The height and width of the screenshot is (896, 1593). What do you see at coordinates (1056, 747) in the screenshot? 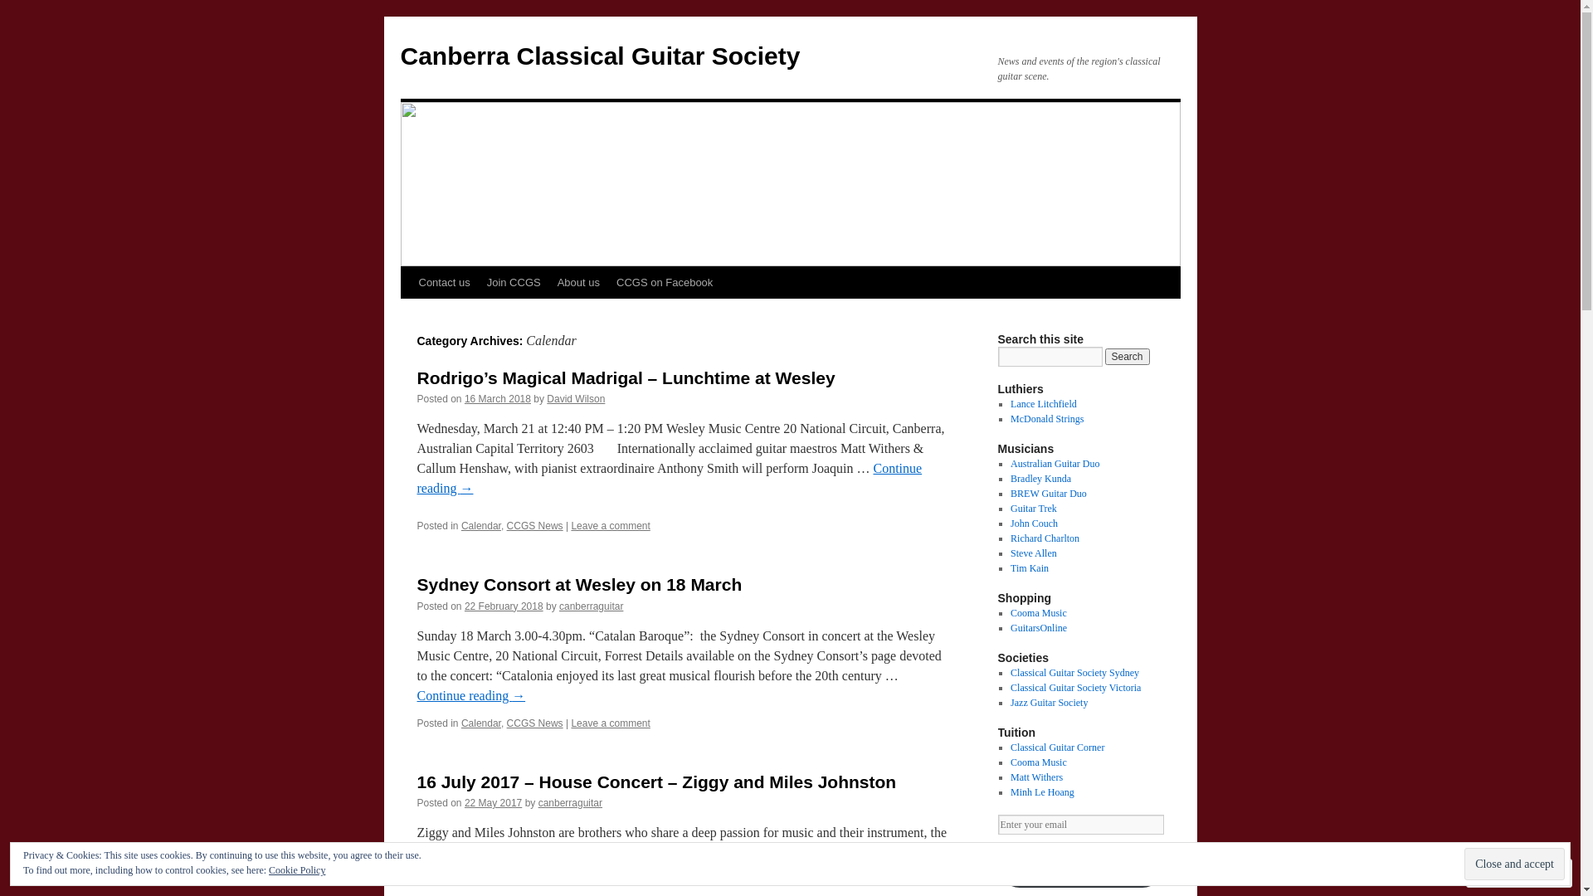
I see `'Classical Guitar Corner'` at bounding box center [1056, 747].